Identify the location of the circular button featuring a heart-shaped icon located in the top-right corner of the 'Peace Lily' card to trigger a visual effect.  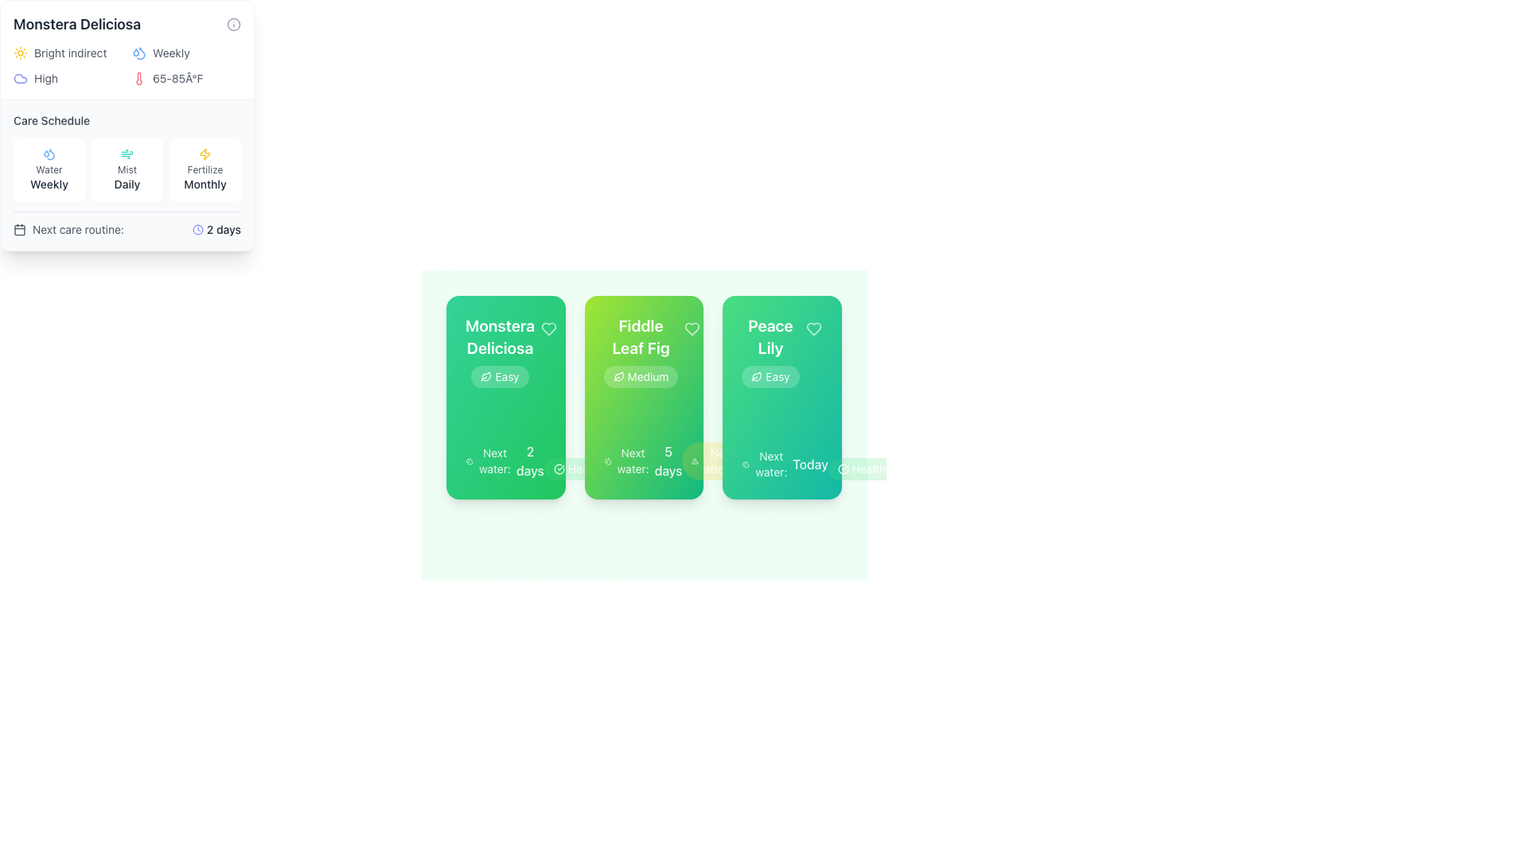
(813, 328).